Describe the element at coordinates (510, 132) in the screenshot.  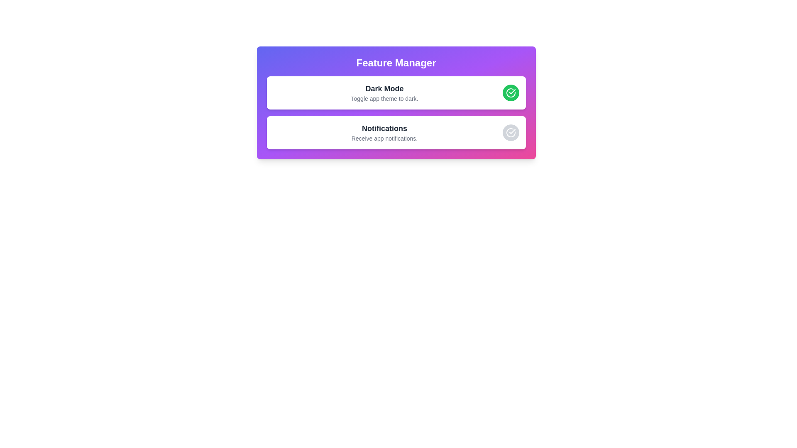
I see `the circular button with a gray background containing a white checkmark icon, located to the far right of the row labeled 'NotificationsReceive app notifications.'` at that location.